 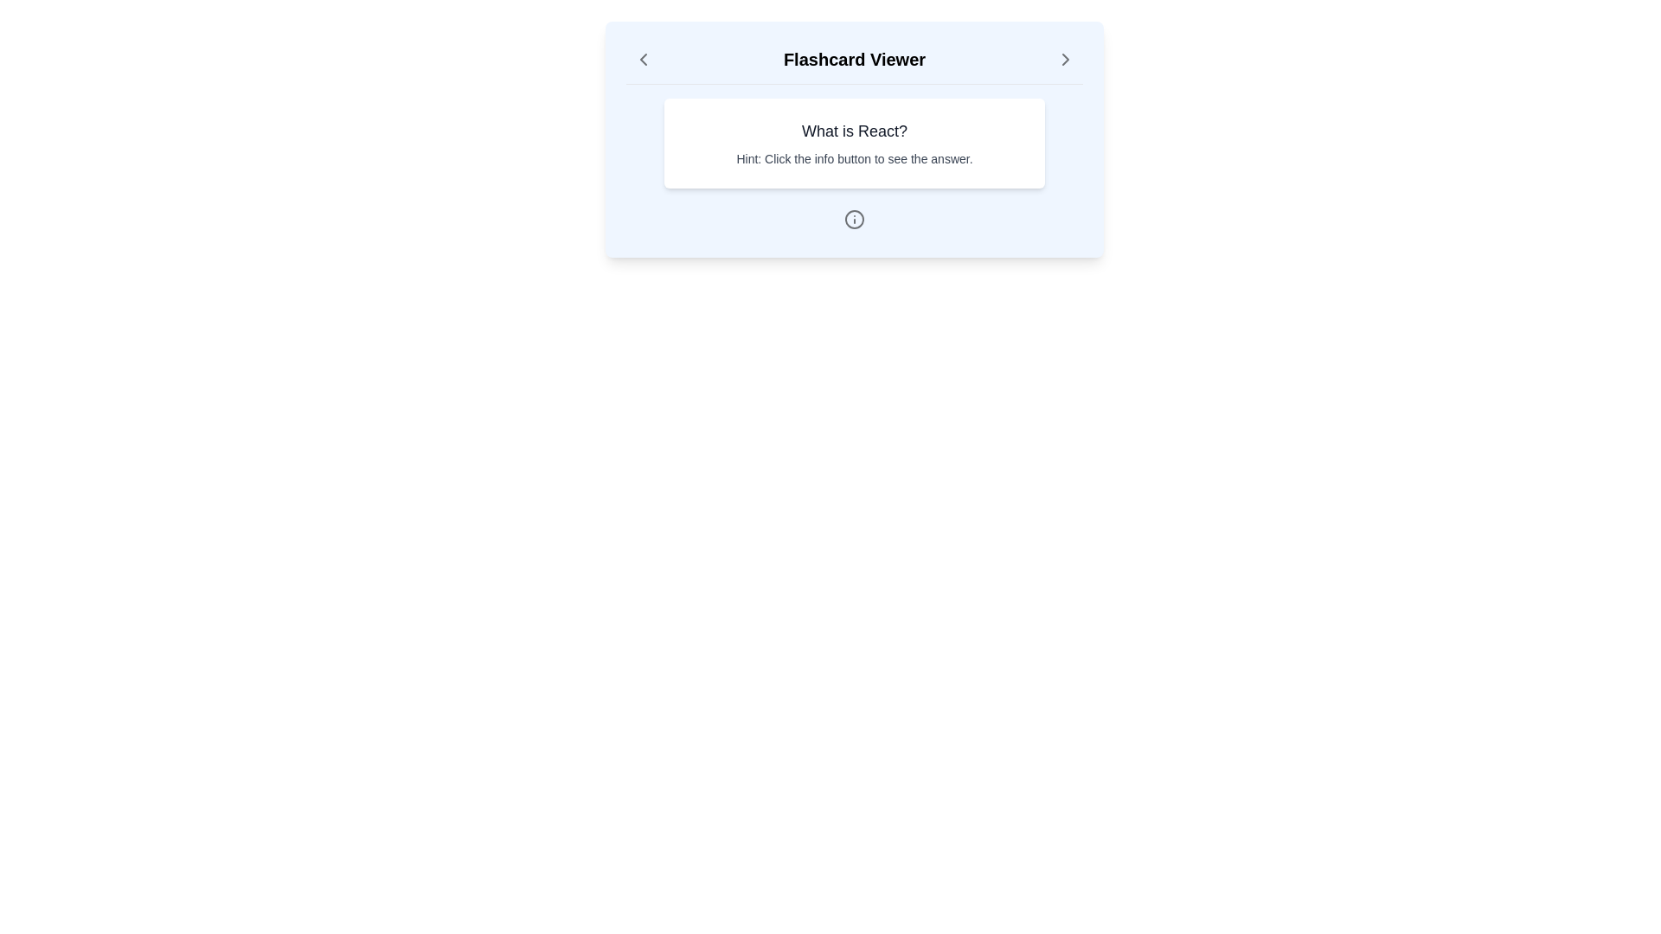 What do you see at coordinates (1065, 59) in the screenshot?
I see `the right-pointing chevron icon located in the top-right corner of the Flashcard Viewer interface to trigger the interaction effect` at bounding box center [1065, 59].